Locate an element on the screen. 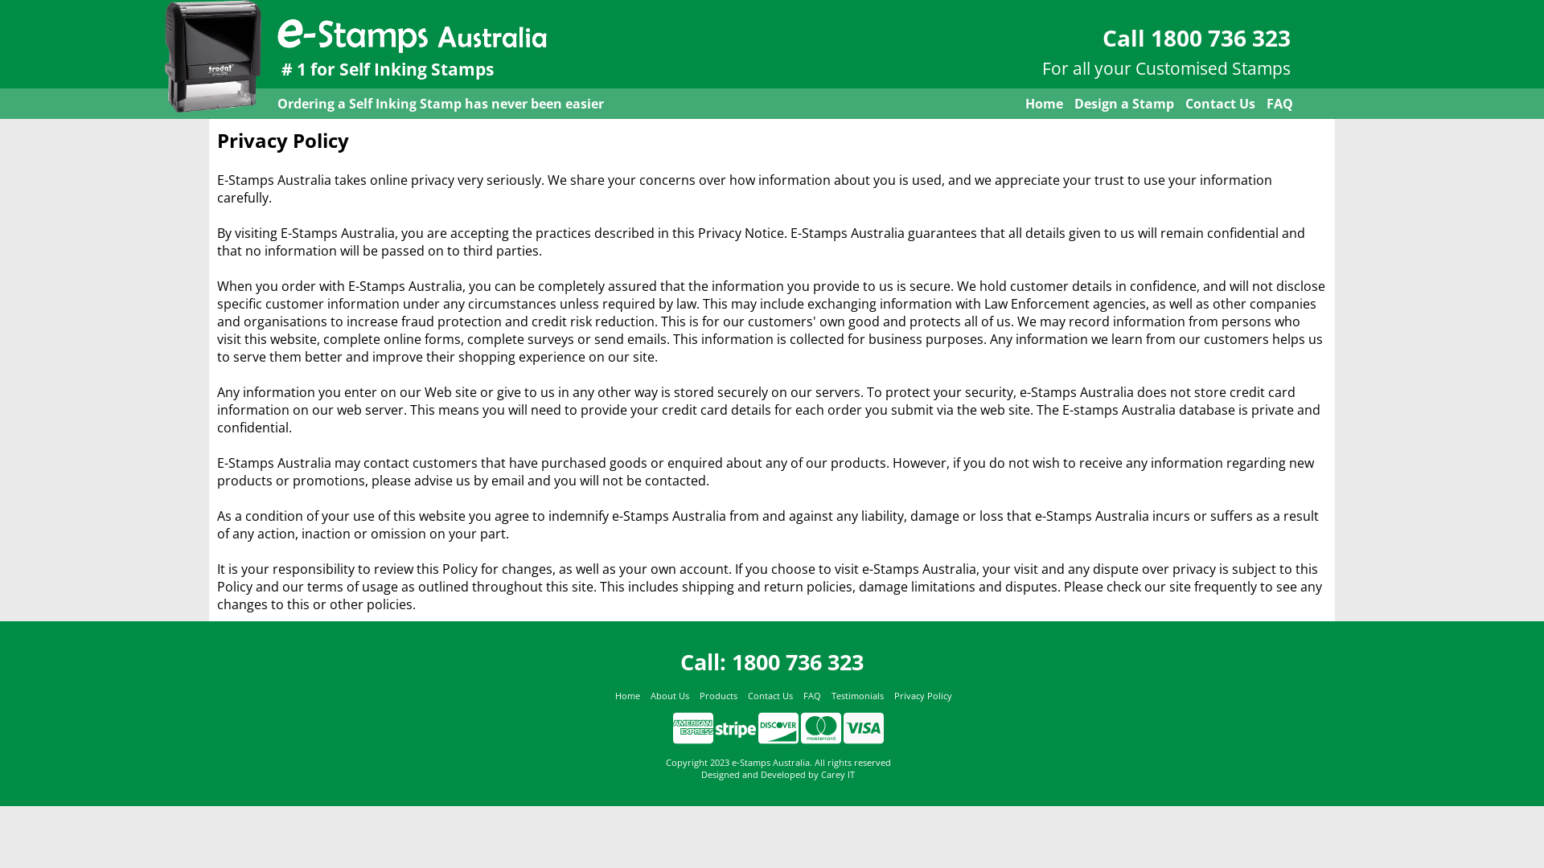  'Call: 1800 736 323' is located at coordinates (772, 661).